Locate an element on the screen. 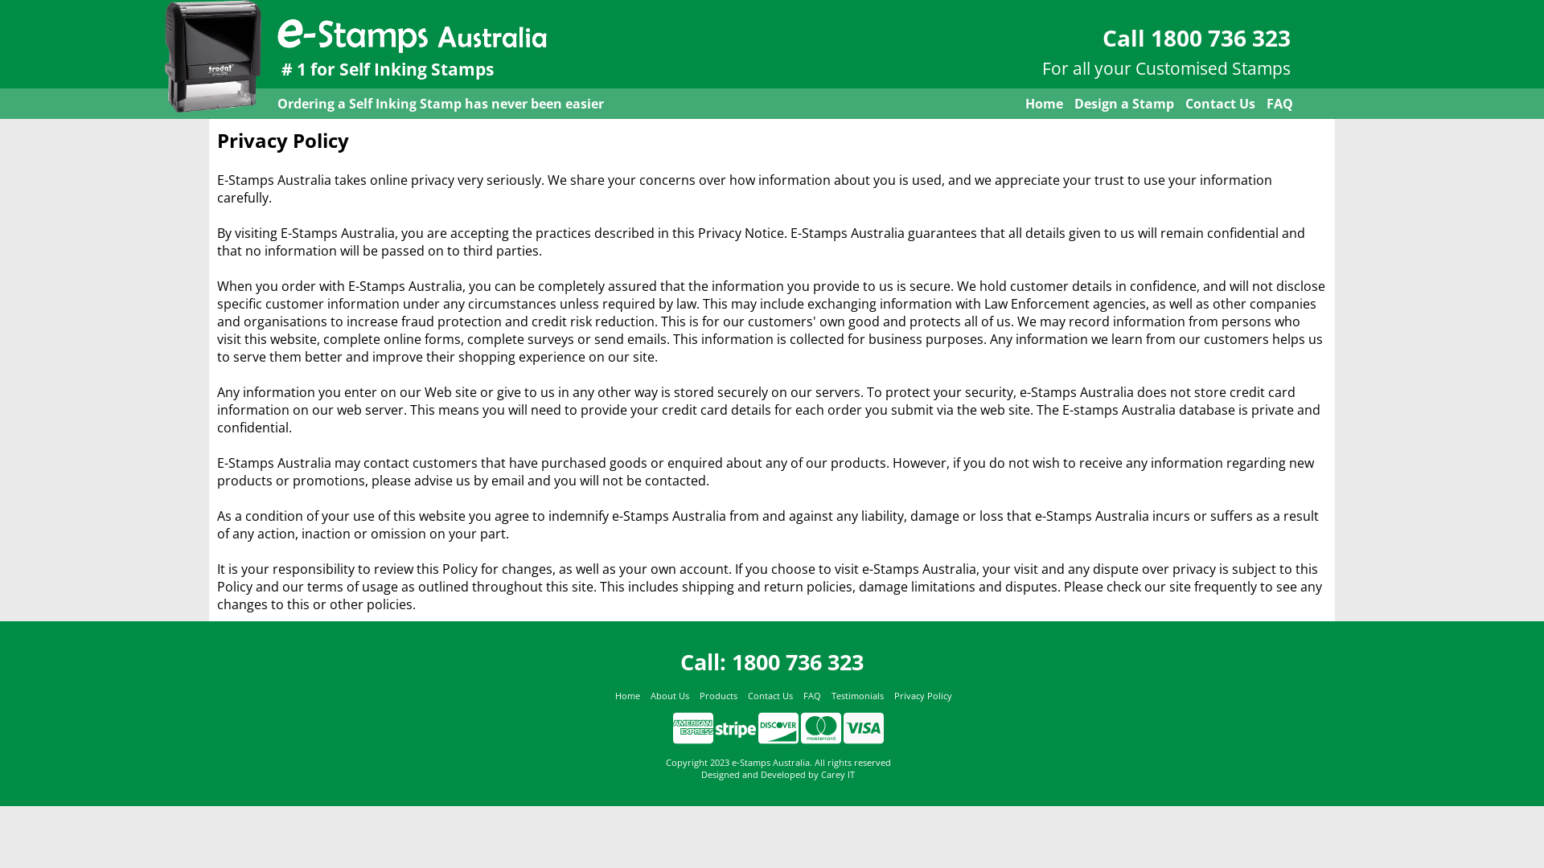  'Call: 1800 736 323' is located at coordinates (772, 661).